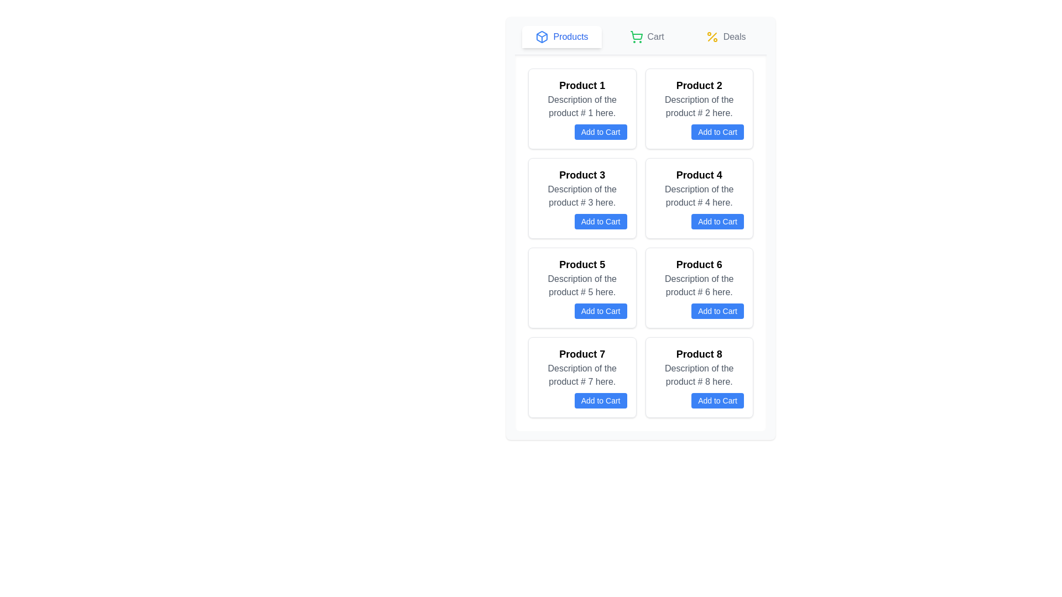 This screenshot has height=597, width=1062. I want to click on the 'Deals' text label in the top-right corner of the navigation bar, so click(735, 36).